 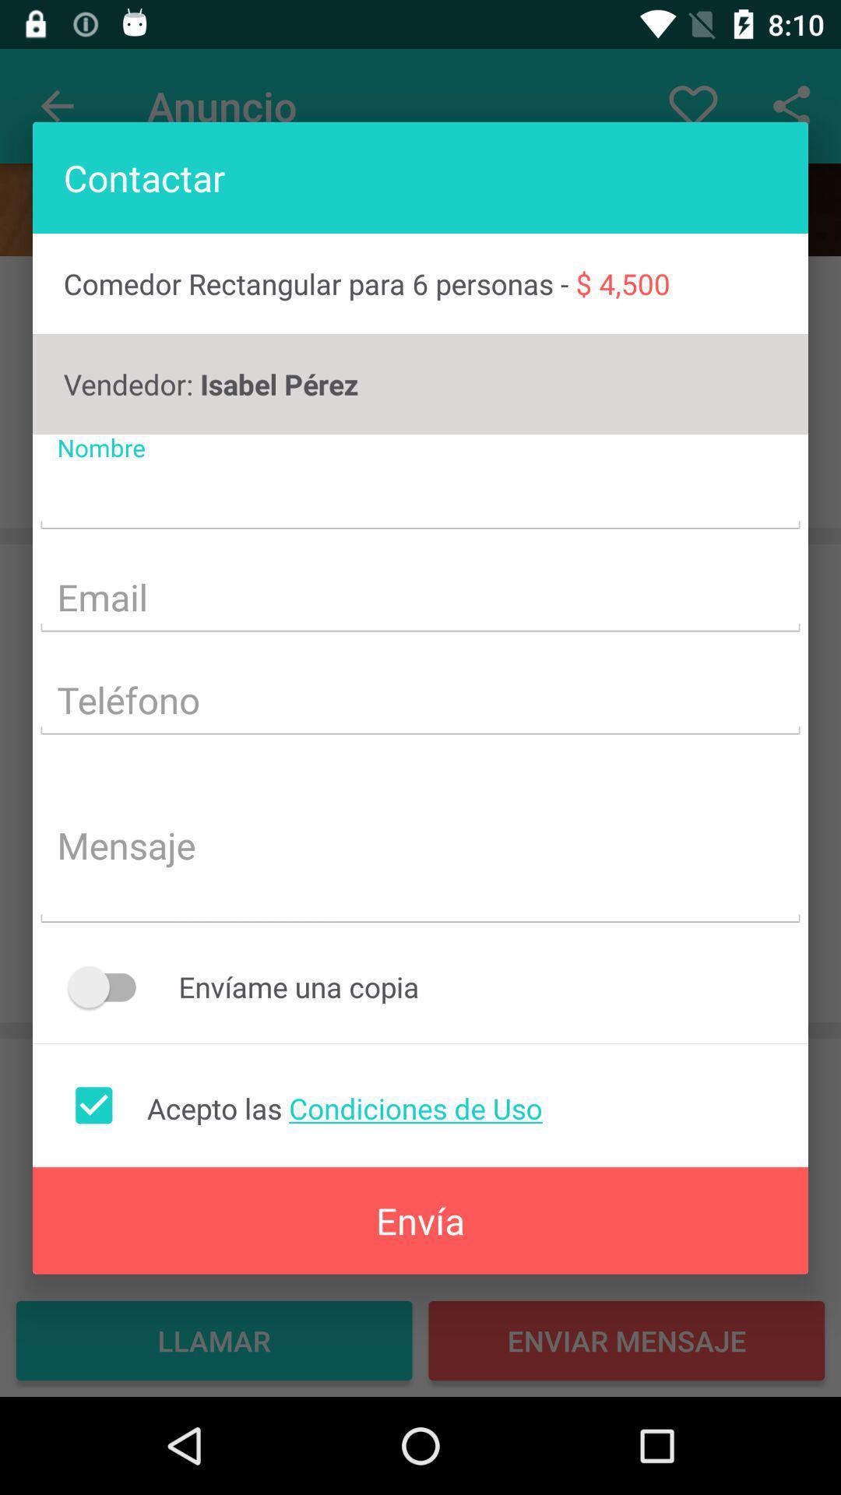 What do you see at coordinates (420, 702) in the screenshot?
I see `passward` at bounding box center [420, 702].